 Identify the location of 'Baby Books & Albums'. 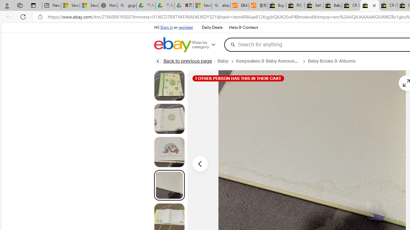
(334, 61).